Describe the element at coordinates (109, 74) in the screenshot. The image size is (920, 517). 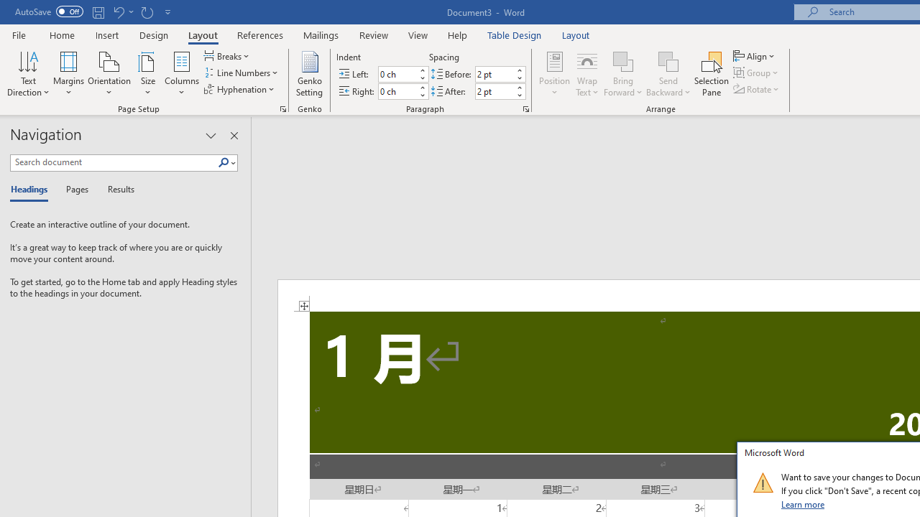
I see `'Orientation'` at that location.